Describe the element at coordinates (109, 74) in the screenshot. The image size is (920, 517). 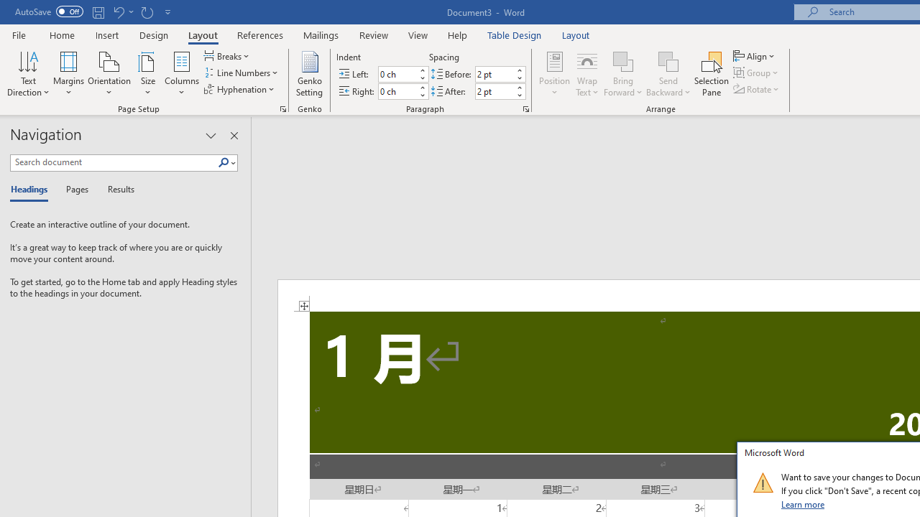
I see `'Orientation'` at that location.